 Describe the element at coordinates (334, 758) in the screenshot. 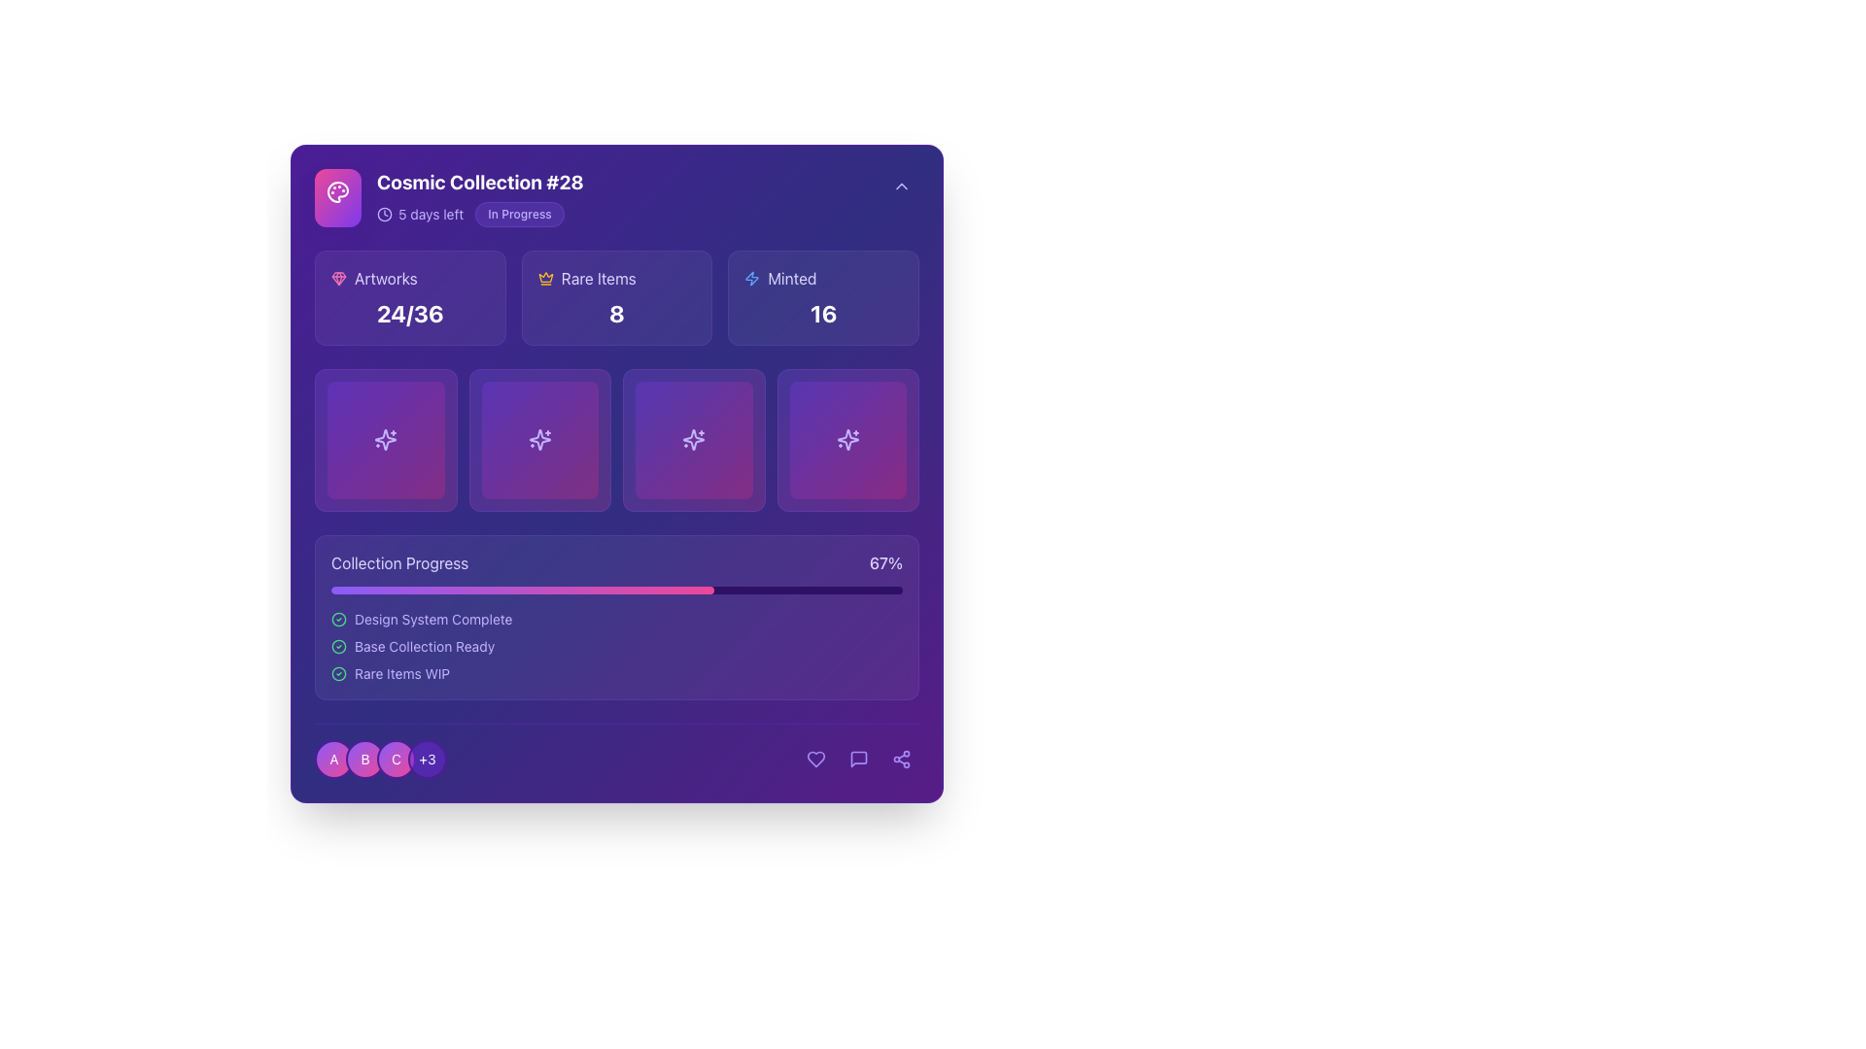

I see `the circular badge featuring the letter 'A' in white, which is positioned at the bottom-left of the interface, bordered by a violet ring and adjacent to the 'B' badge` at that location.